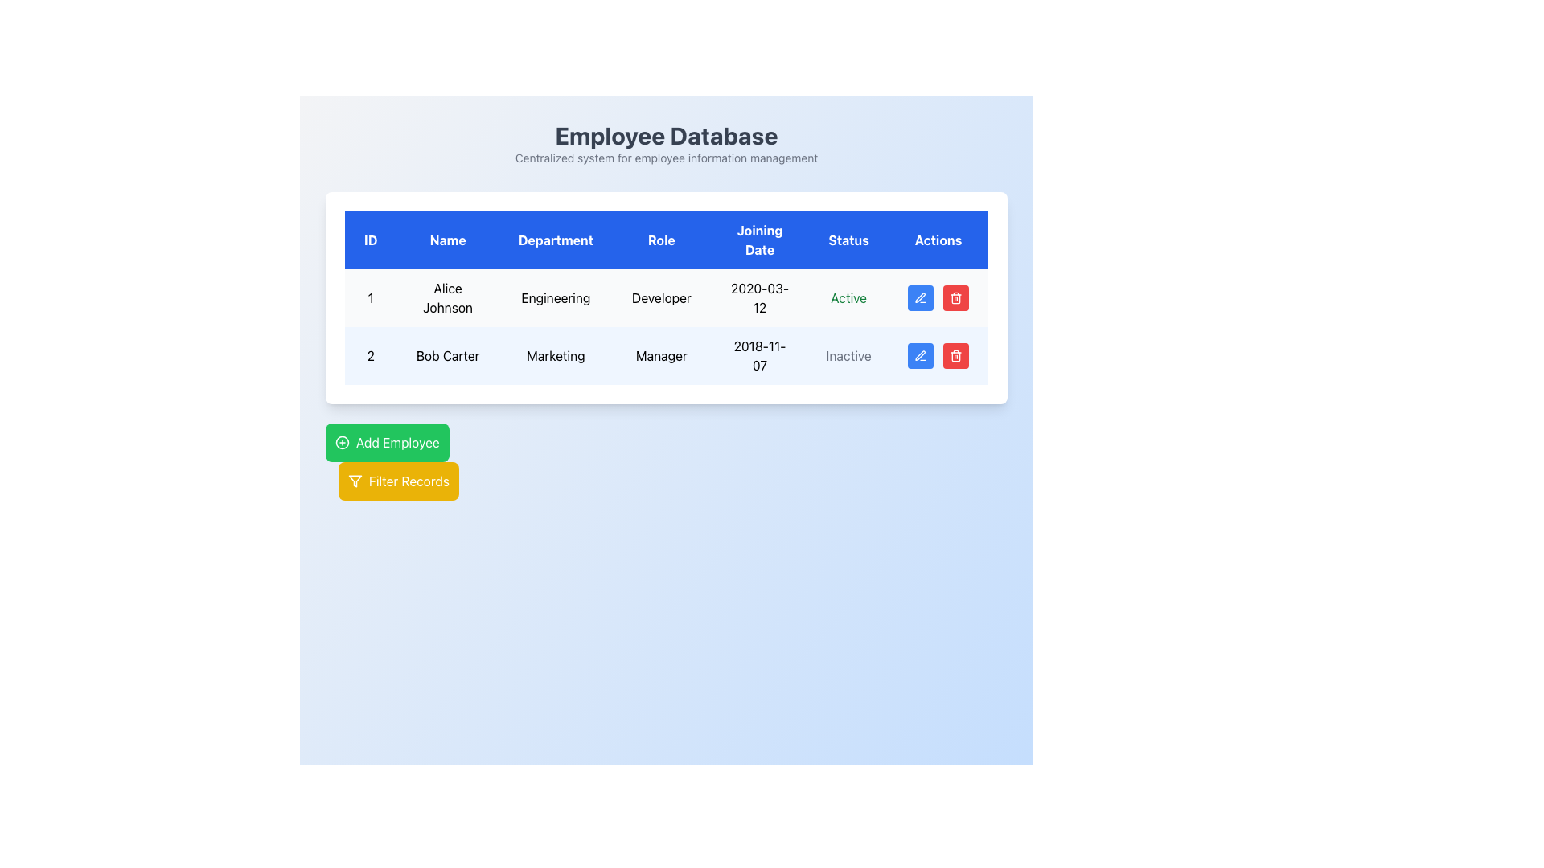 Image resolution: width=1544 pixels, height=868 pixels. I want to click on the edit IconButton located in the first row of the user table's 'Actions' column, next to the 'Active' status, so click(920, 297).